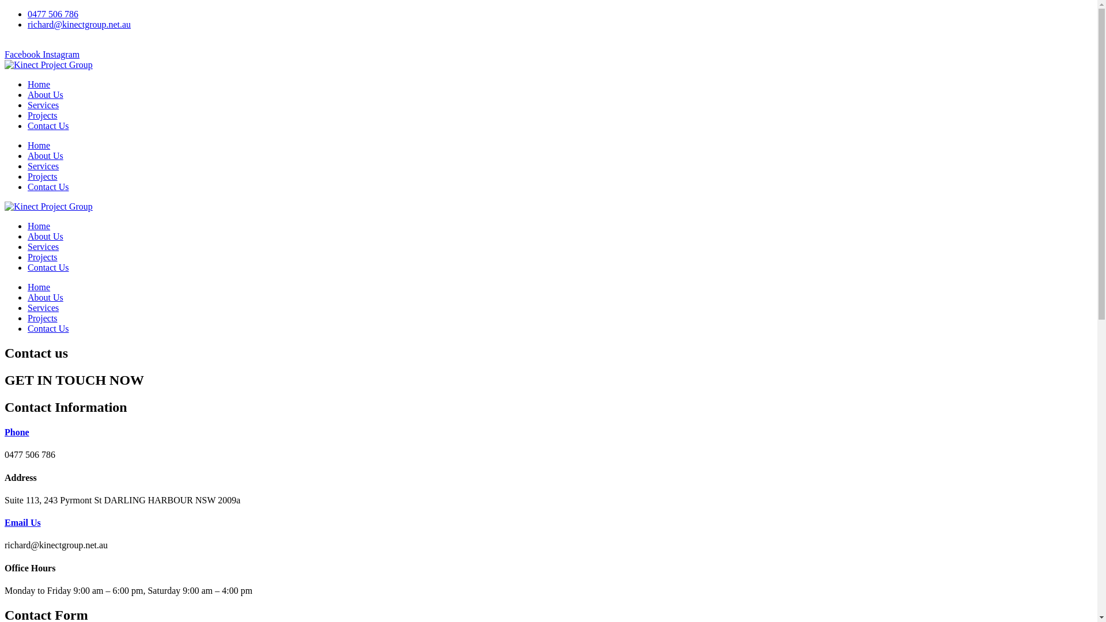 The width and height of the screenshot is (1106, 622). Describe the element at coordinates (24, 54) in the screenshot. I see `'Facebook'` at that location.